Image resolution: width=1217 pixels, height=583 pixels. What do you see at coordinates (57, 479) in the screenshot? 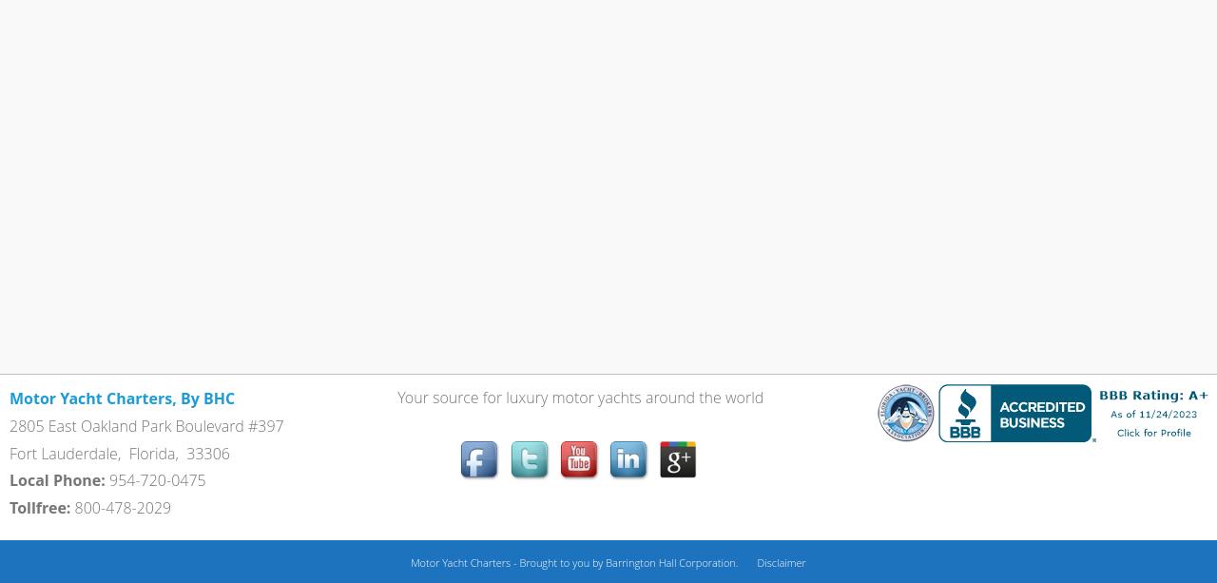
I see `'Local Phone:'` at bounding box center [57, 479].